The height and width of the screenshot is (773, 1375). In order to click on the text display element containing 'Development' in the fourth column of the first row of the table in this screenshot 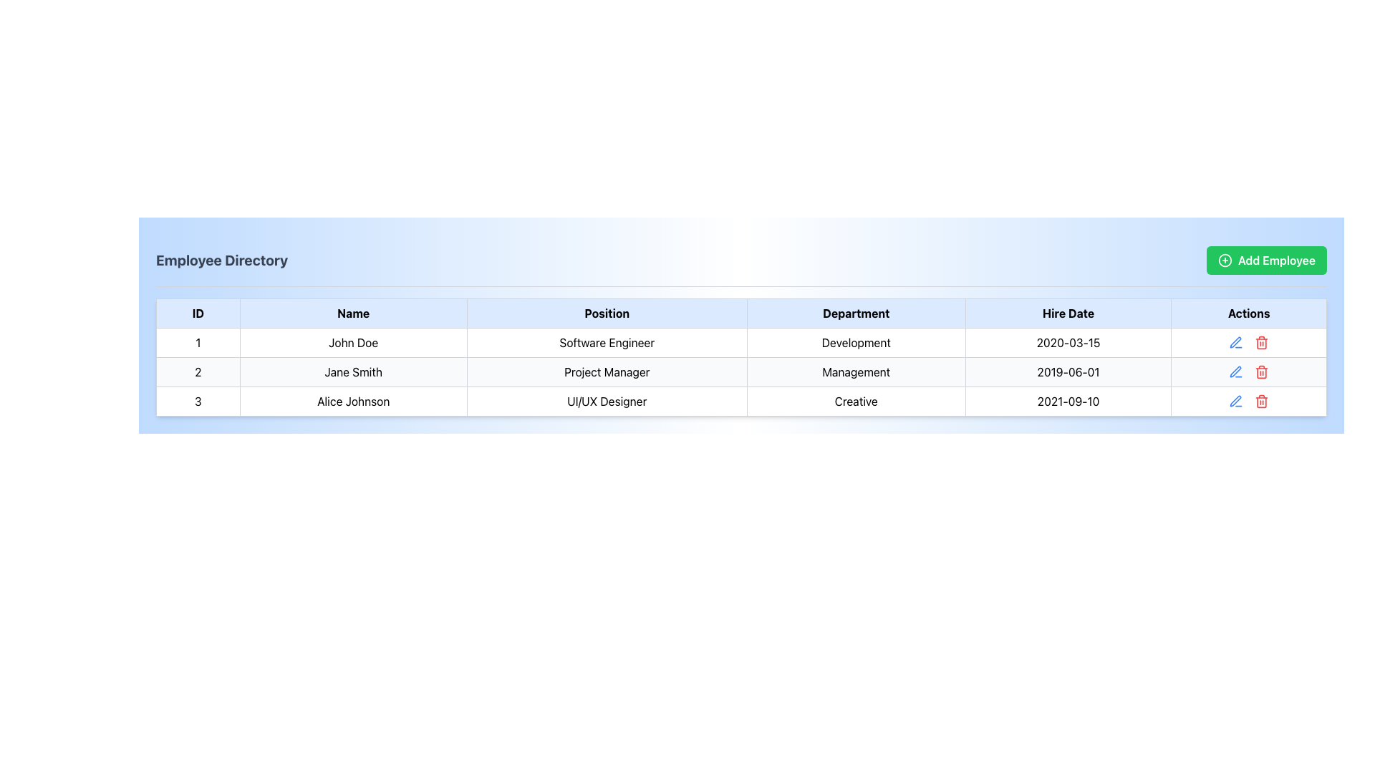, I will do `click(856, 342)`.